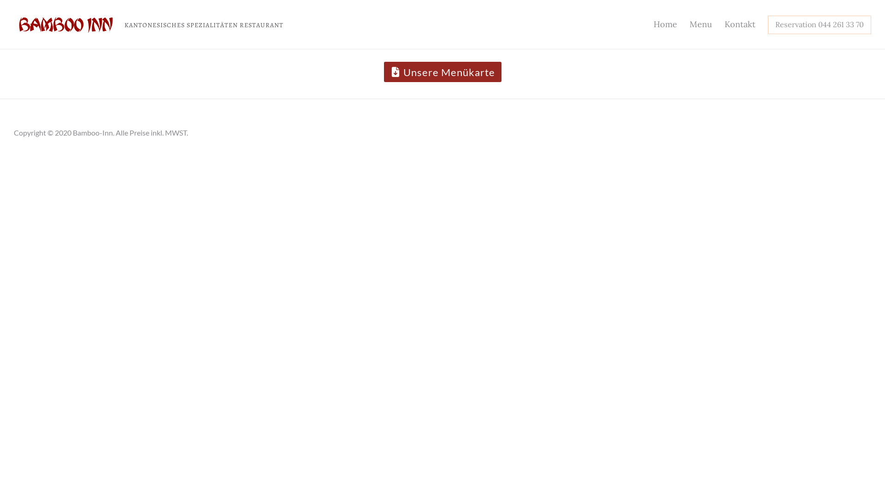  What do you see at coordinates (819, 24) in the screenshot?
I see `'Reservation 044 261 33 70'` at bounding box center [819, 24].